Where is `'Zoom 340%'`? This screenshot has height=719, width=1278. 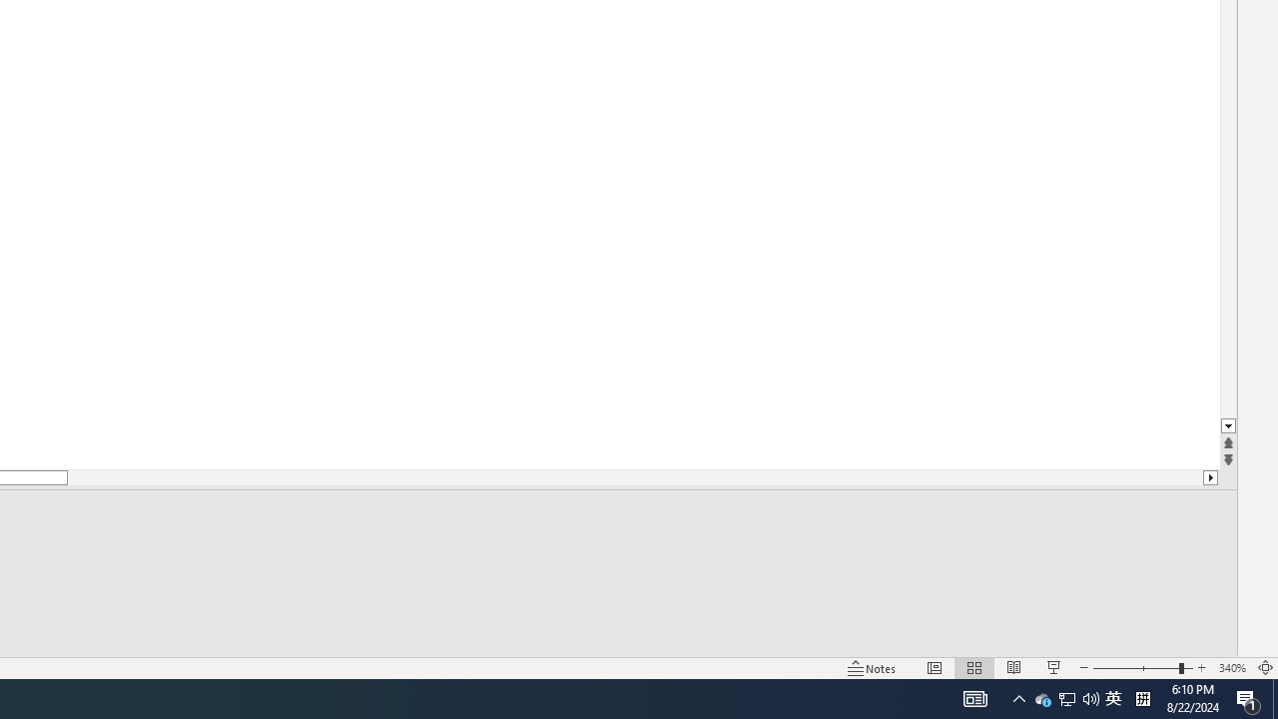
'Zoom 340%' is located at coordinates (1231, 668).